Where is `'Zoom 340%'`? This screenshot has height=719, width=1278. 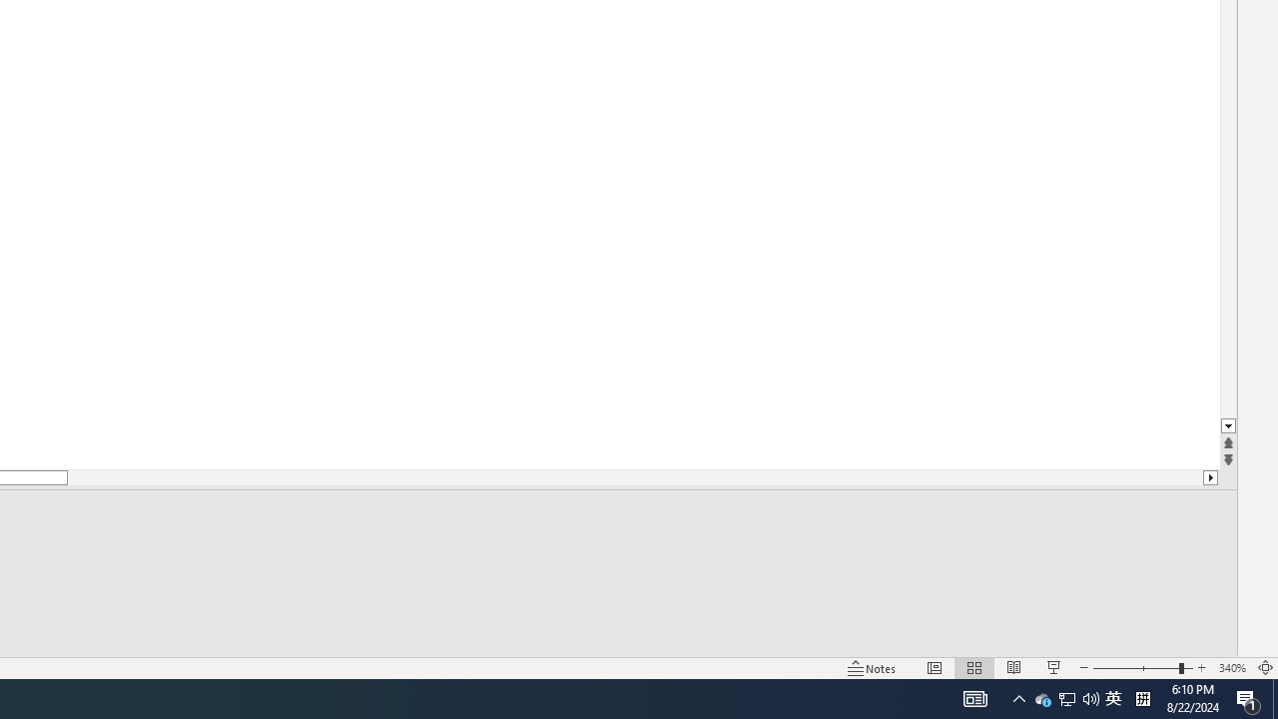
'Zoom 340%' is located at coordinates (1231, 668).